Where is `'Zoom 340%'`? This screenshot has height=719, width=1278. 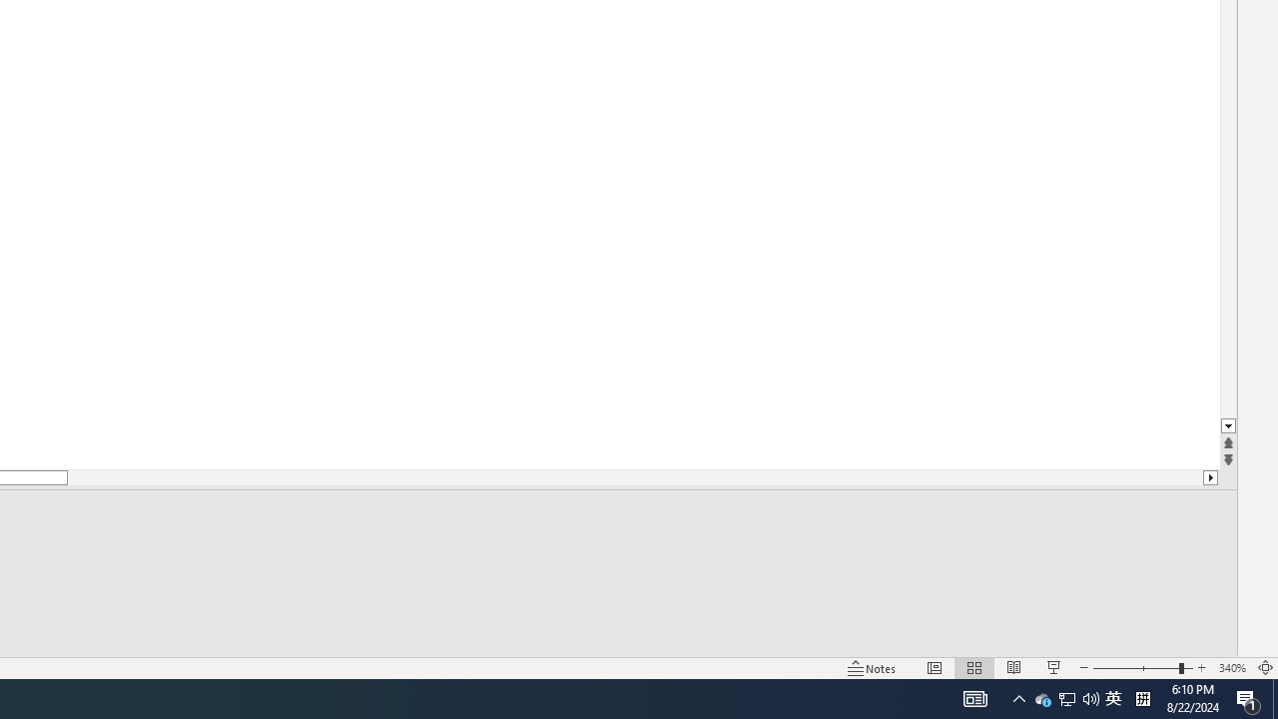
'Zoom 340%' is located at coordinates (1231, 668).